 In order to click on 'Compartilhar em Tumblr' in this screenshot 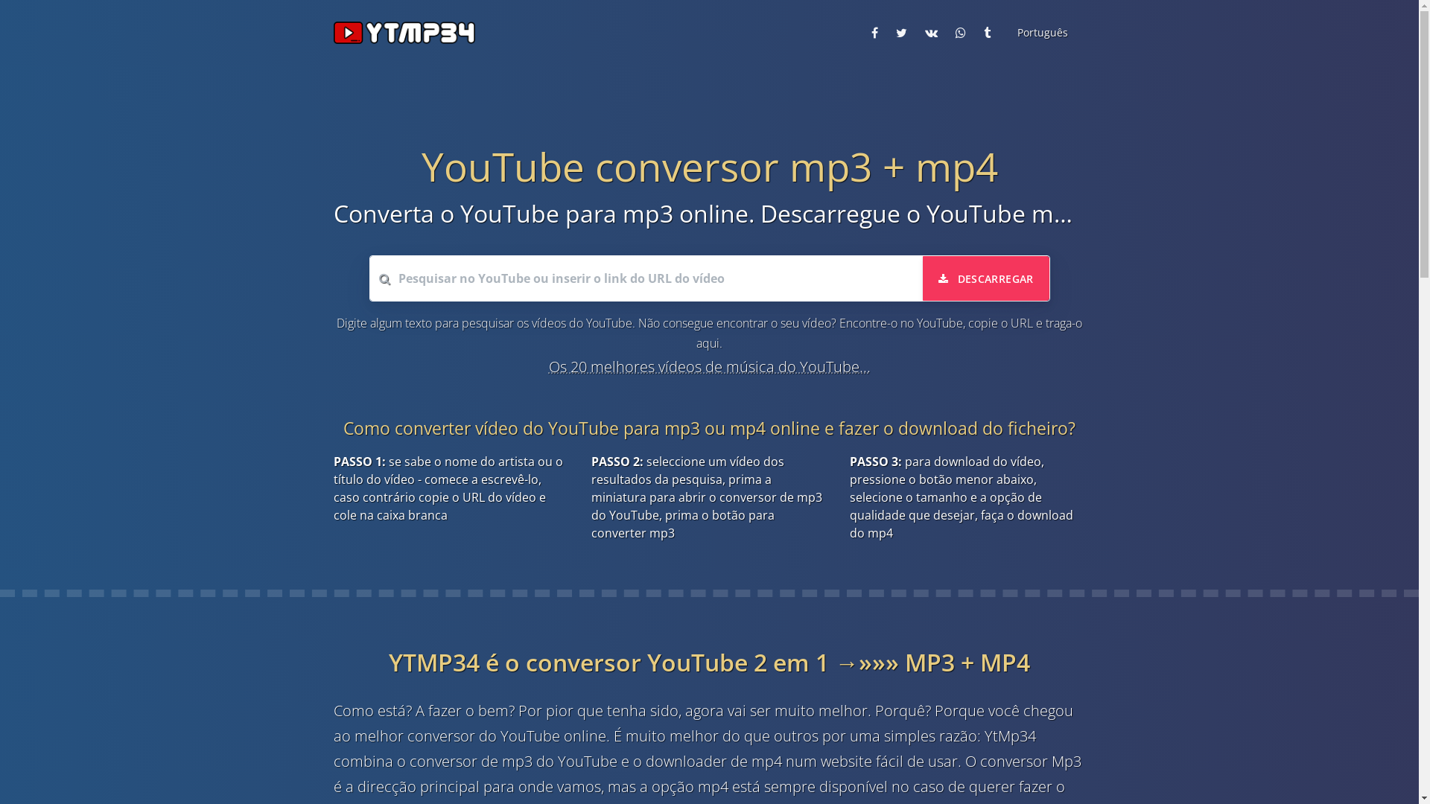, I will do `click(986, 32)`.